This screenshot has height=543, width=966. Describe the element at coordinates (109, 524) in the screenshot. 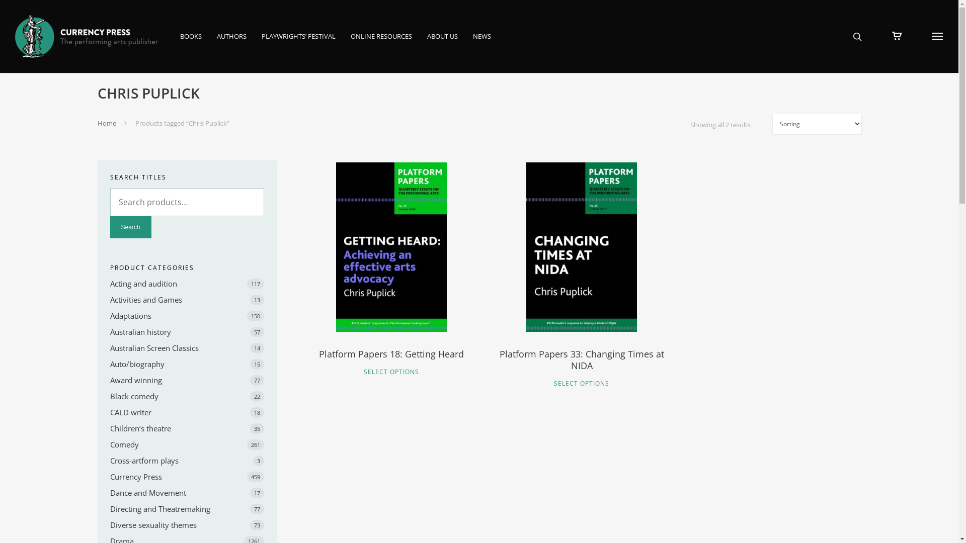

I see `'Diverse sexuality themes'` at that location.